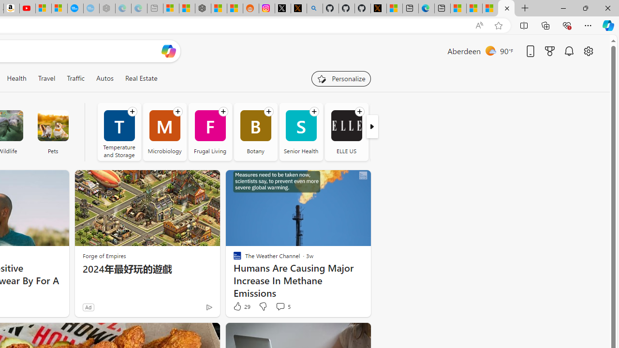 The image size is (619, 348). Describe the element at coordinates (27, 8) in the screenshot. I see `'Day 1: Arriving in Yemen (surreal to be here) - YouTube'` at that location.